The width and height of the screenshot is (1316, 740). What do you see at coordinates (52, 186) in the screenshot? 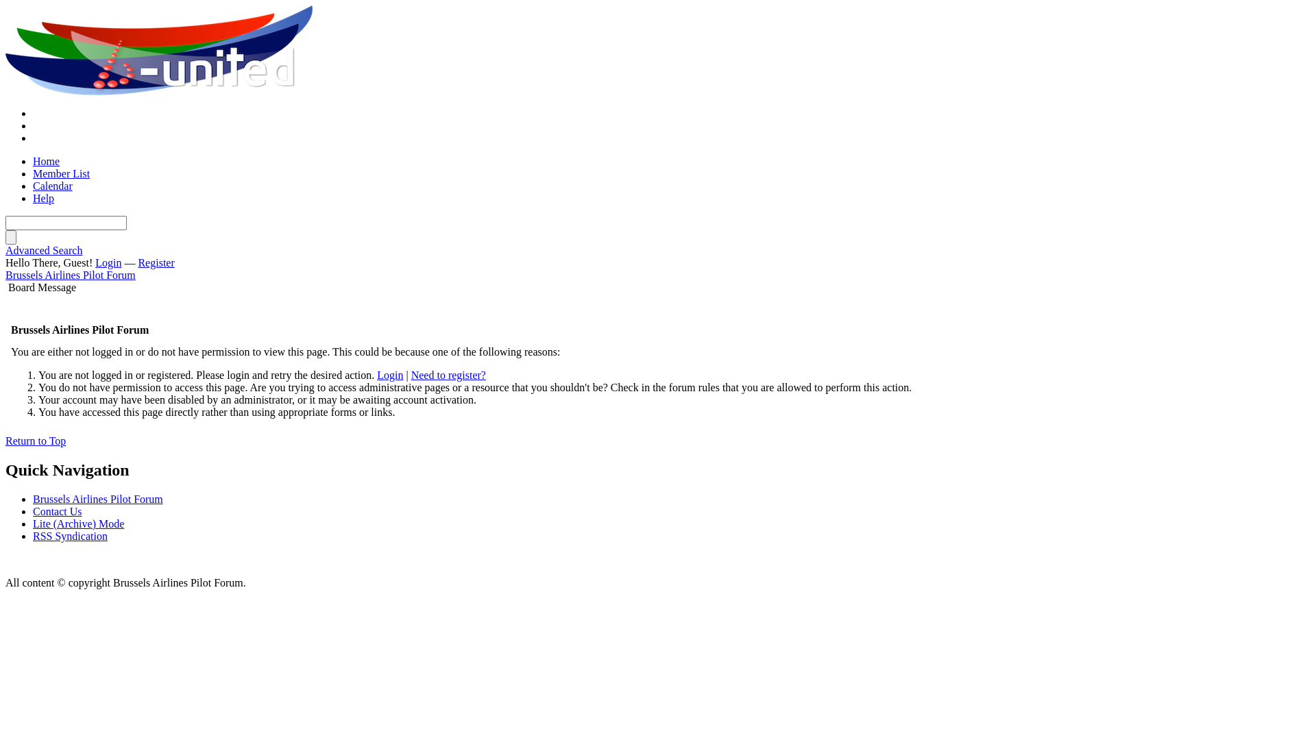
I see `'Calendar'` at bounding box center [52, 186].